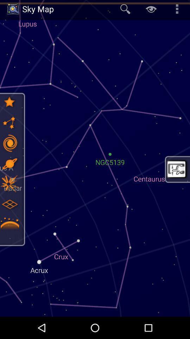  Describe the element at coordinates (9, 123) in the screenshot. I see `for star view` at that location.